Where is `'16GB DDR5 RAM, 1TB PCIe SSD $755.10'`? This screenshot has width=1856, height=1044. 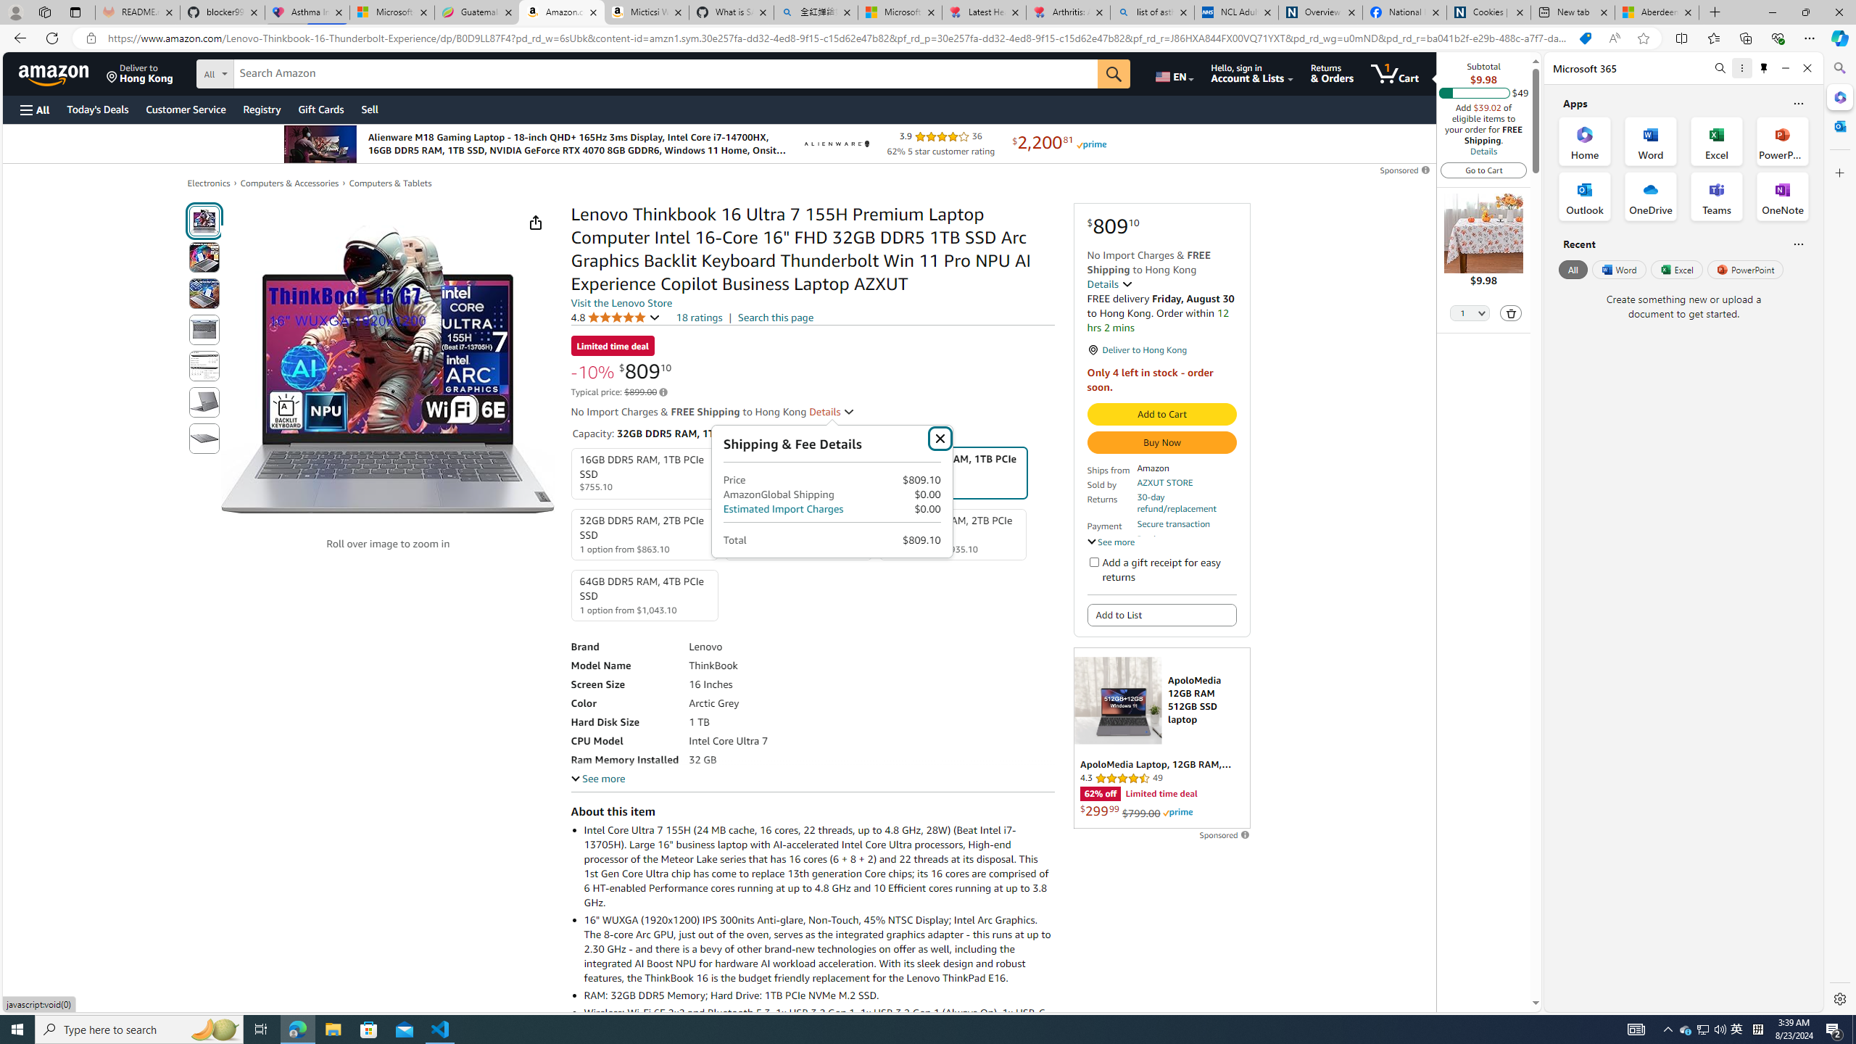 '16GB DDR5 RAM, 1TB PCIe SSD $755.10' is located at coordinates (644, 473).